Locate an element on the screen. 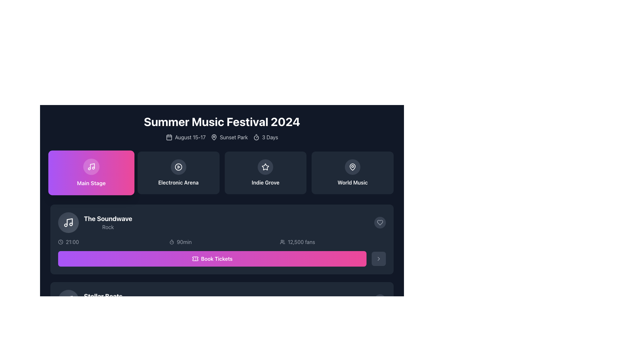 This screenshot has height=349, width=620. the time display element indicating the start time of an event, located in the leftmost section of a three-column grid under 'The Soundwave - Rock' is located at coordinates (111, 242).